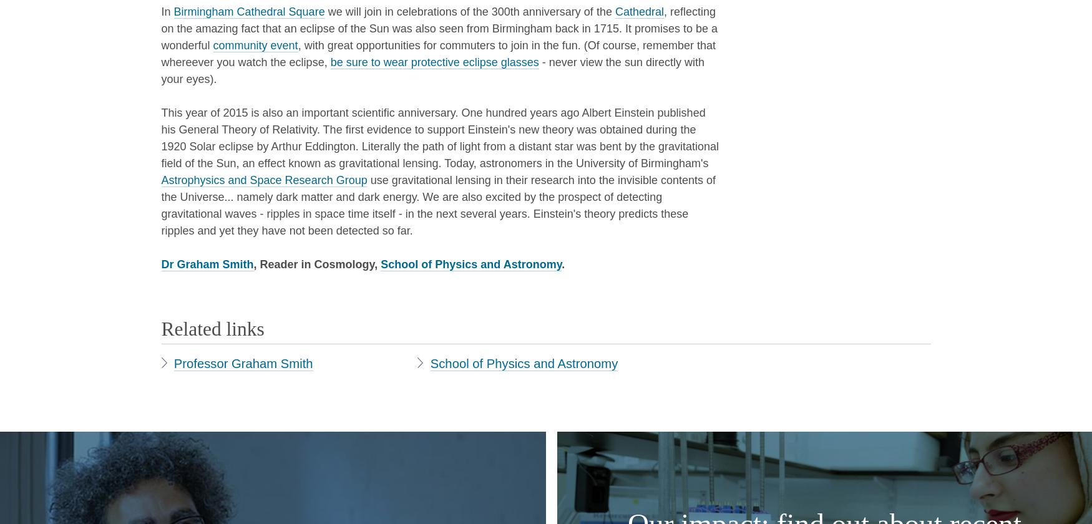 The image size is (1092, 524). Describe the element at coordinates (469, 11) in the screenshot. I see `'we will join in celebrations of the 300th anniversary of the'` at that location.